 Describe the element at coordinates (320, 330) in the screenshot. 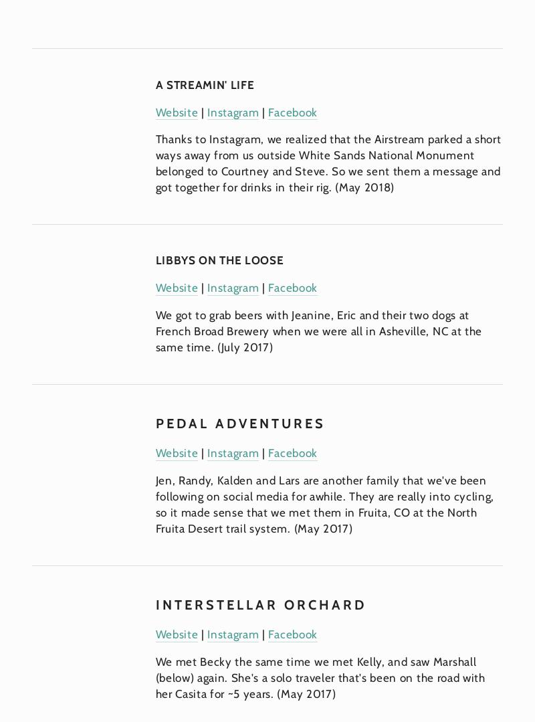

I see `'We got to grab beers with Jeanine, Eric and their two dogs at French Broad Brewery when we were all in Asheville, NC at the same time. (July 2017)'` at that location.